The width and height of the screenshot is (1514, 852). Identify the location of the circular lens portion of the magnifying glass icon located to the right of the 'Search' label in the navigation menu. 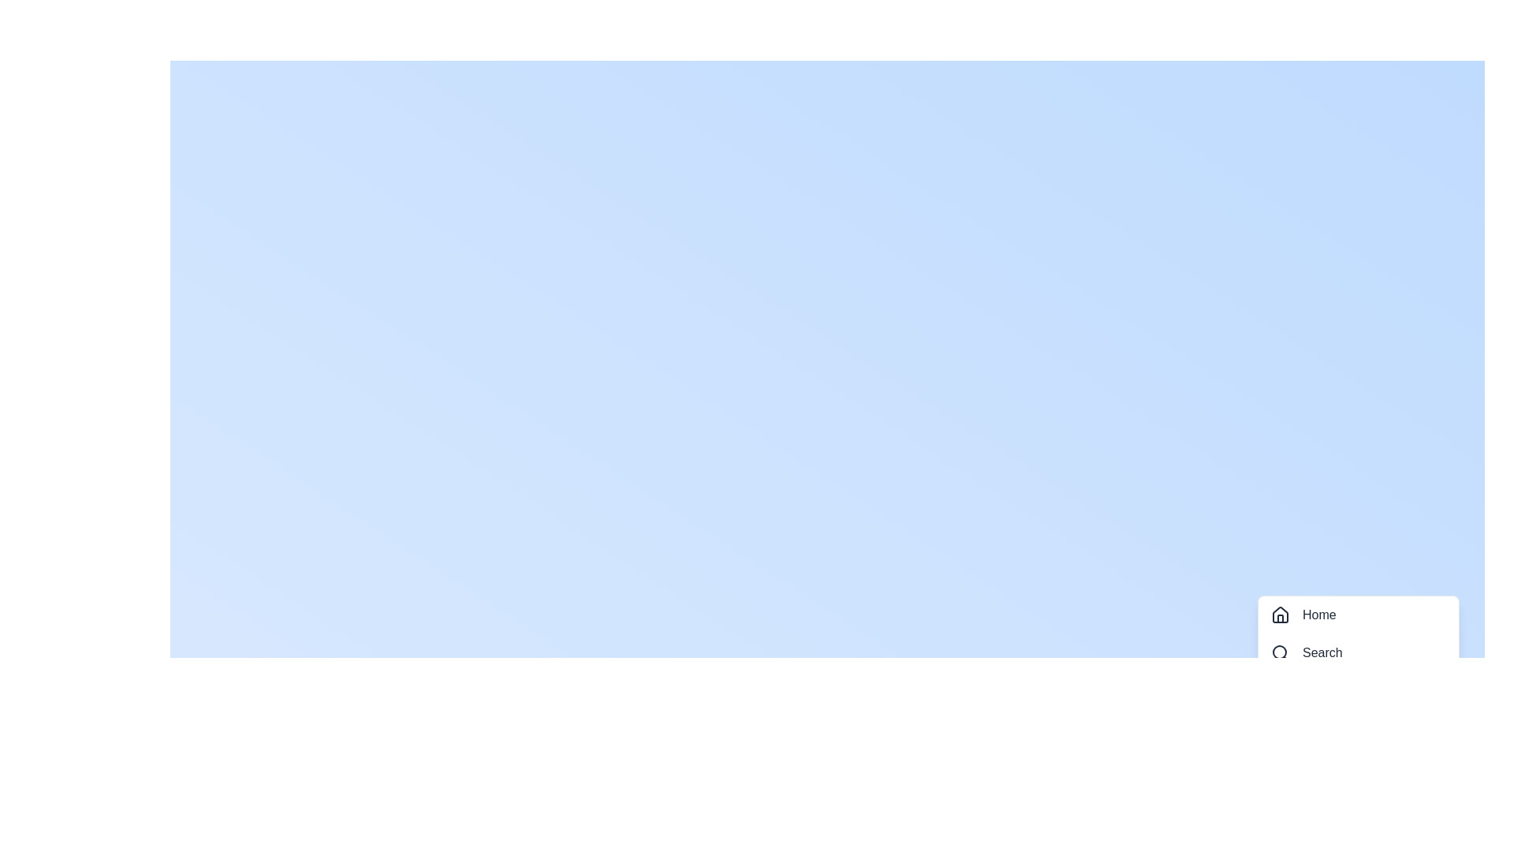
(1279, 652).